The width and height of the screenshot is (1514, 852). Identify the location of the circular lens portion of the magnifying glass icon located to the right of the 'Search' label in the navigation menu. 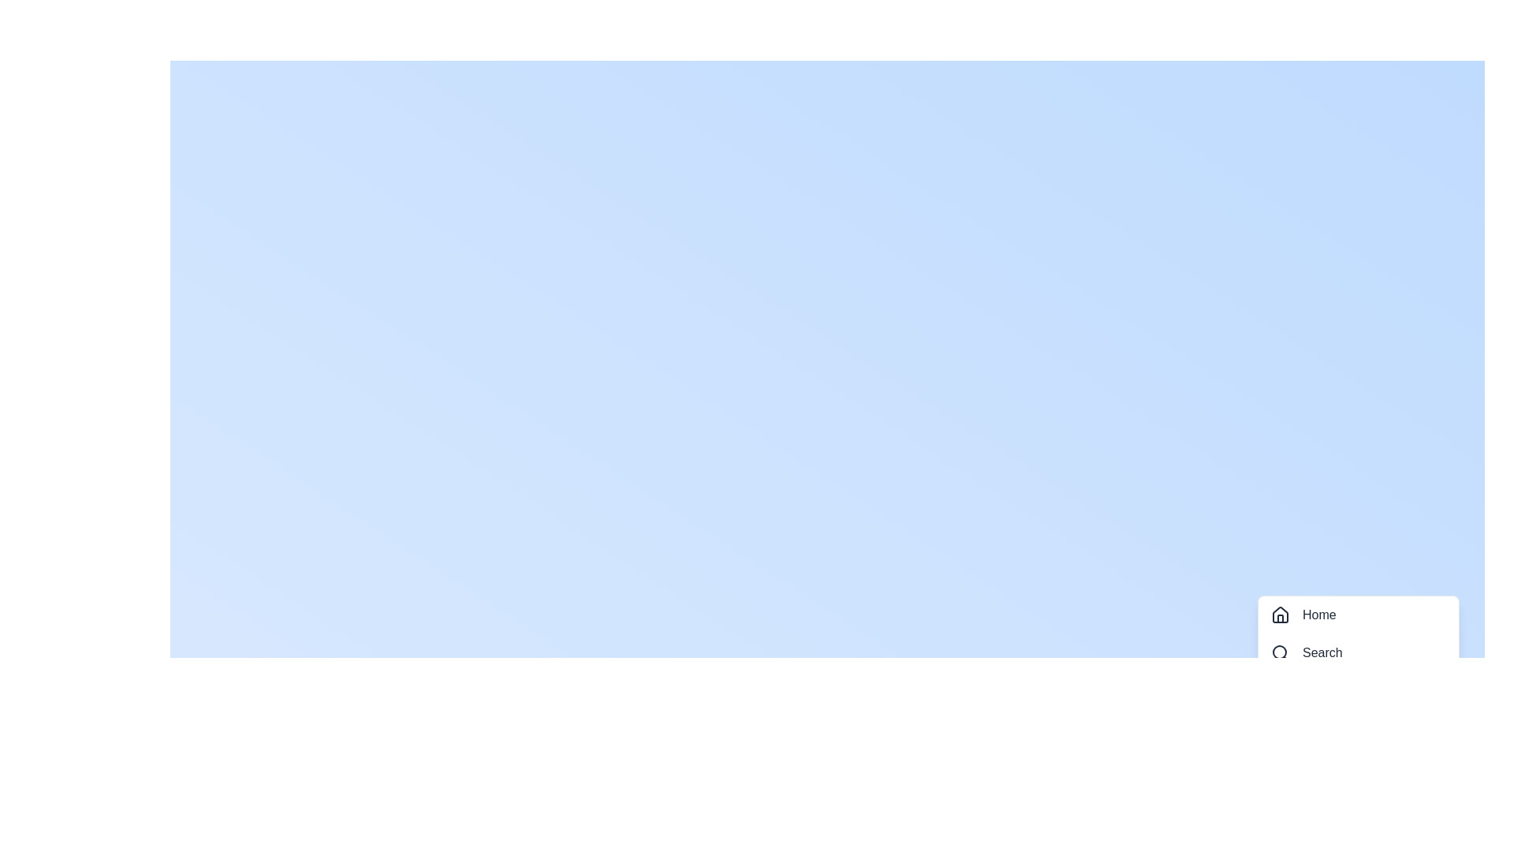
(1279, 652).